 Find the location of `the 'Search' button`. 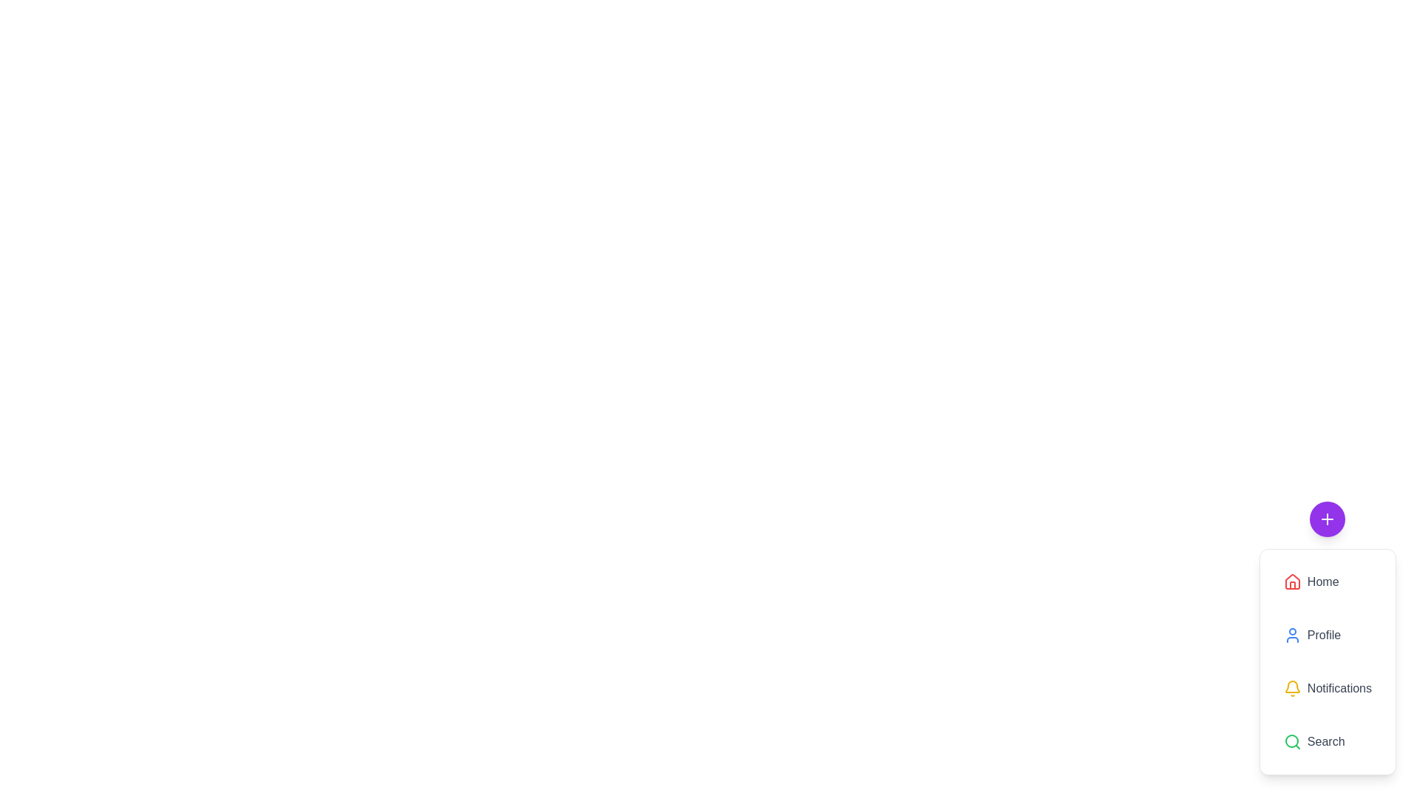

the 'Search' button is located at coordinates (1328, 741).